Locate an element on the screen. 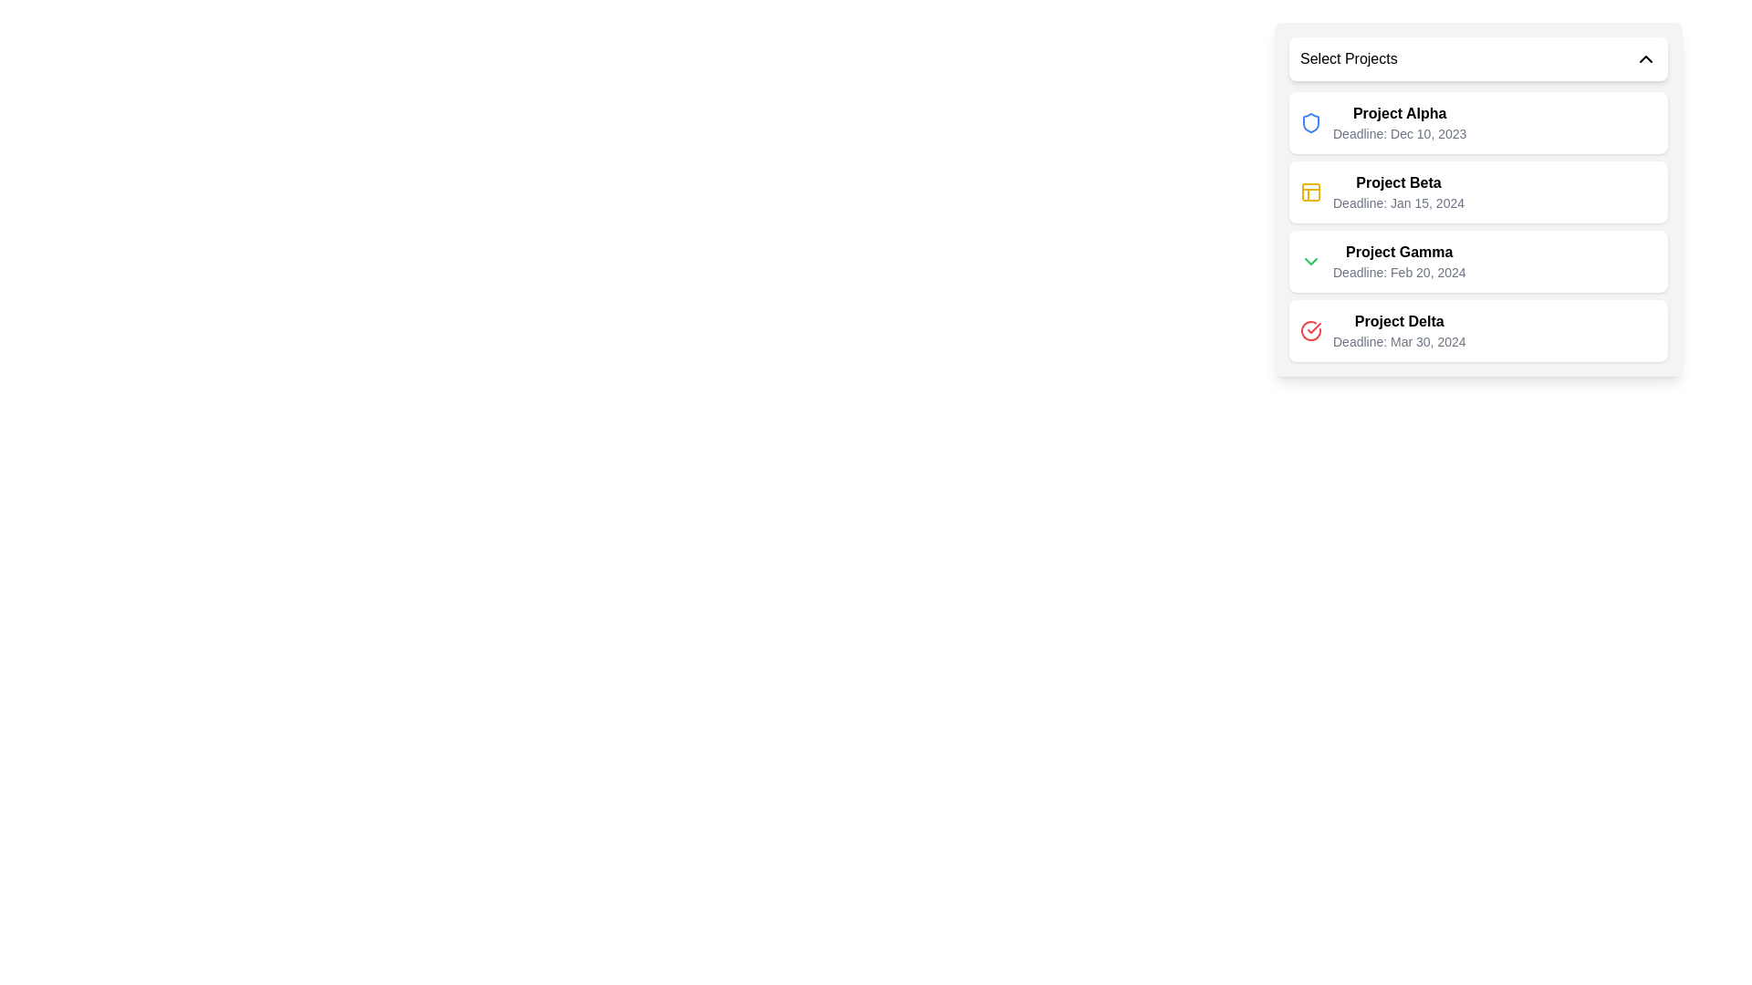 The width and height of the screenshot is (1752, 985). the text block displaying 'Project Alpha' with the deadline 'Deadline: Dec 10, 2023', which is aligned to the right of a blue icon in the dropdown menu is located at coordinates (1399, 123).